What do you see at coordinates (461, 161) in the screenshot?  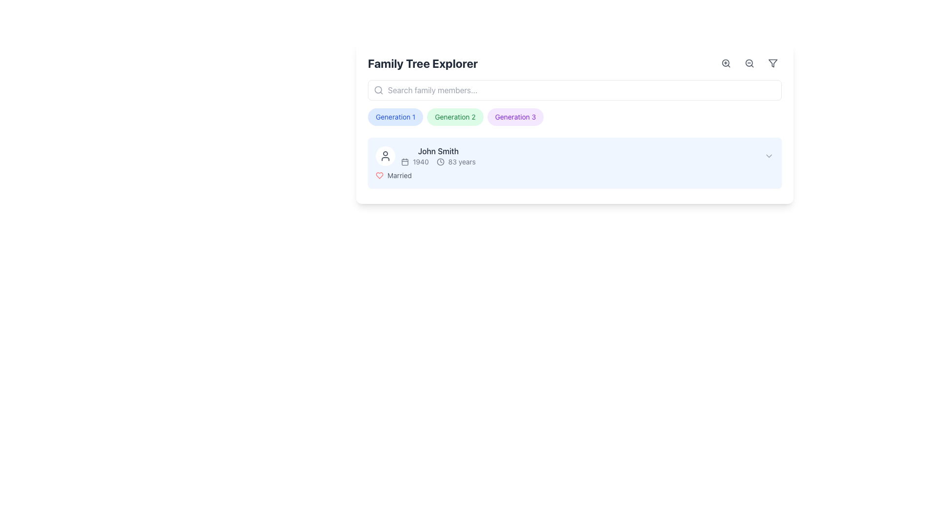 I see `displayed text from the Text label showing the age of 'John Smith', which is located after a clock icon and '1940'` at bounding box center [461, 161].